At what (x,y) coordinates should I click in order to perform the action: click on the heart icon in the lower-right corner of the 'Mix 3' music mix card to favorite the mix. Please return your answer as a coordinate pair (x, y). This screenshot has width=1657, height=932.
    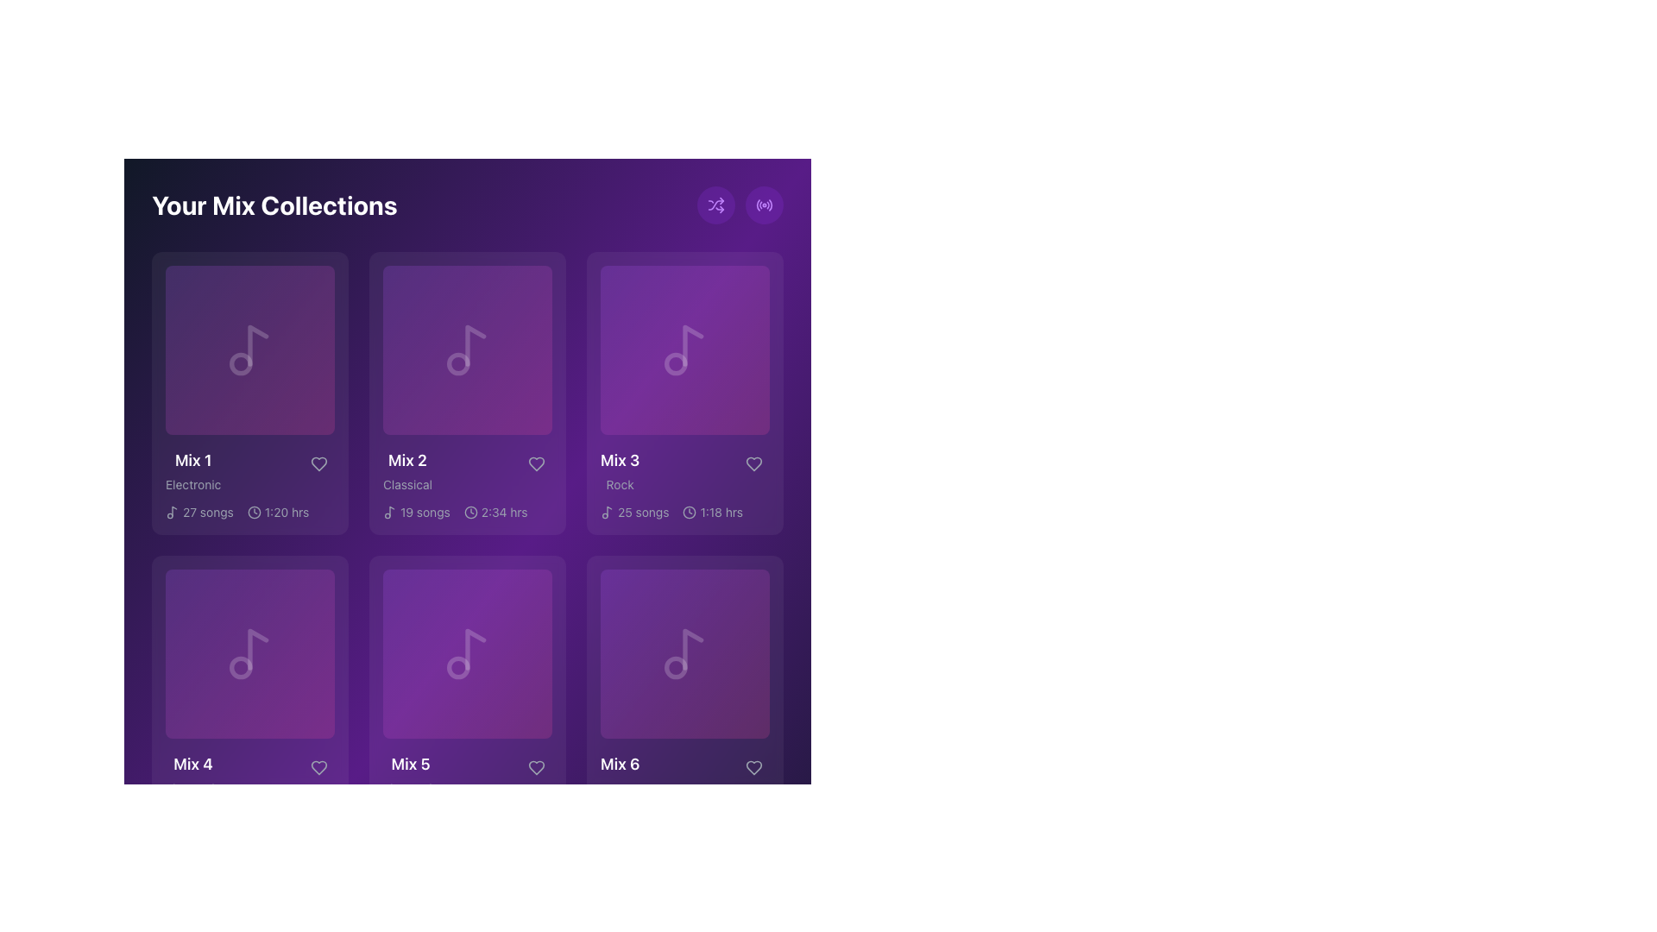
    Looking at the image, I should click on (753, 463).